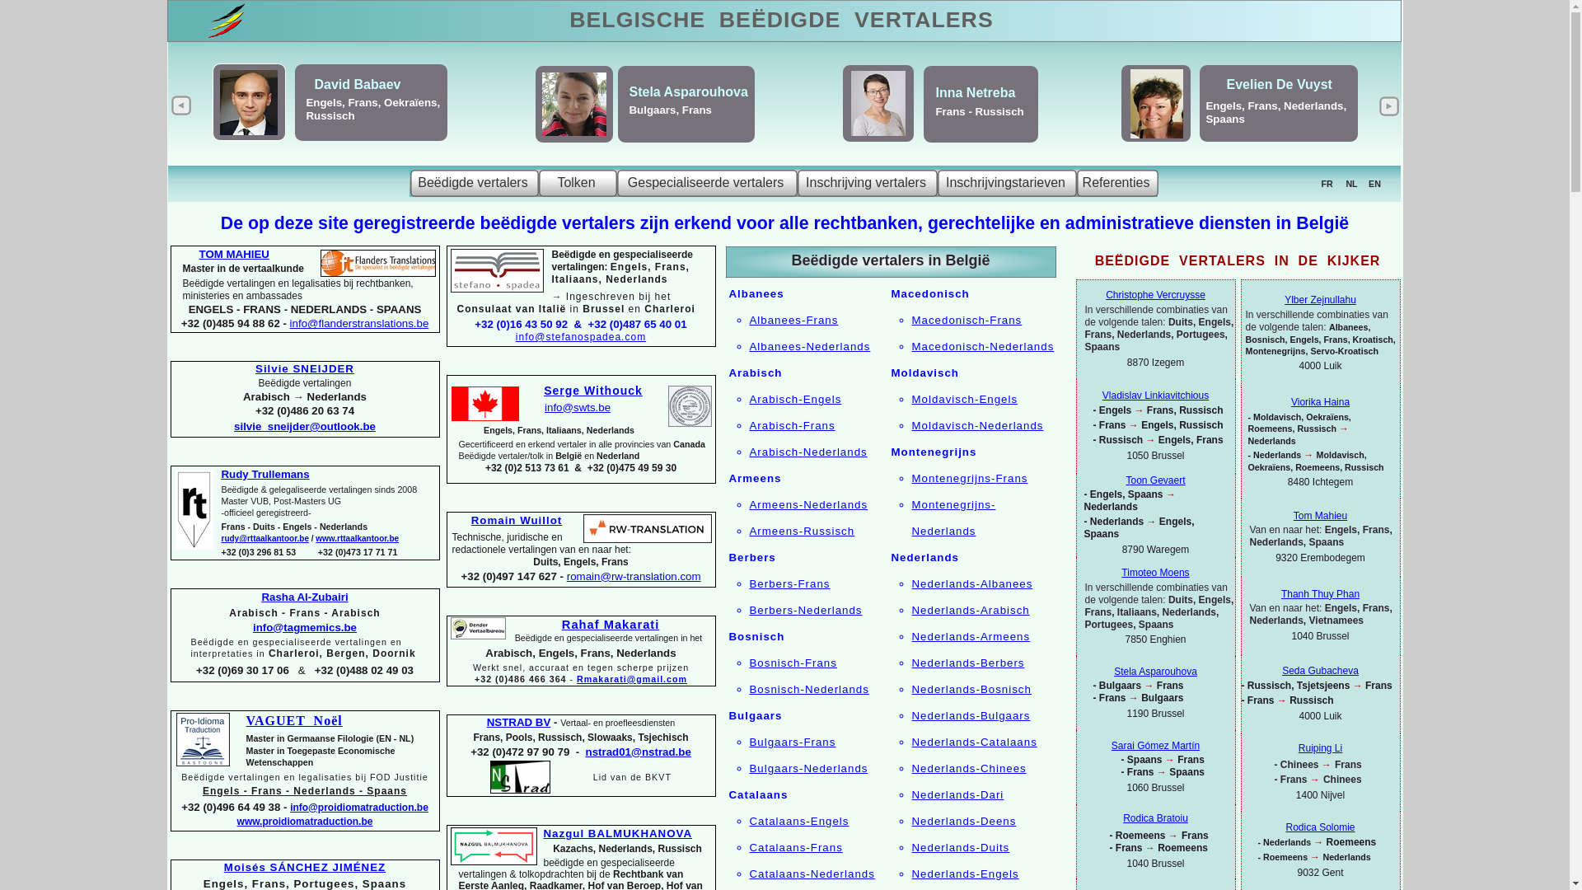 The image size is (1582, 890). Describe the element at coordinates (1326, 184) in the screenshot. I see `'FR'` at that location.